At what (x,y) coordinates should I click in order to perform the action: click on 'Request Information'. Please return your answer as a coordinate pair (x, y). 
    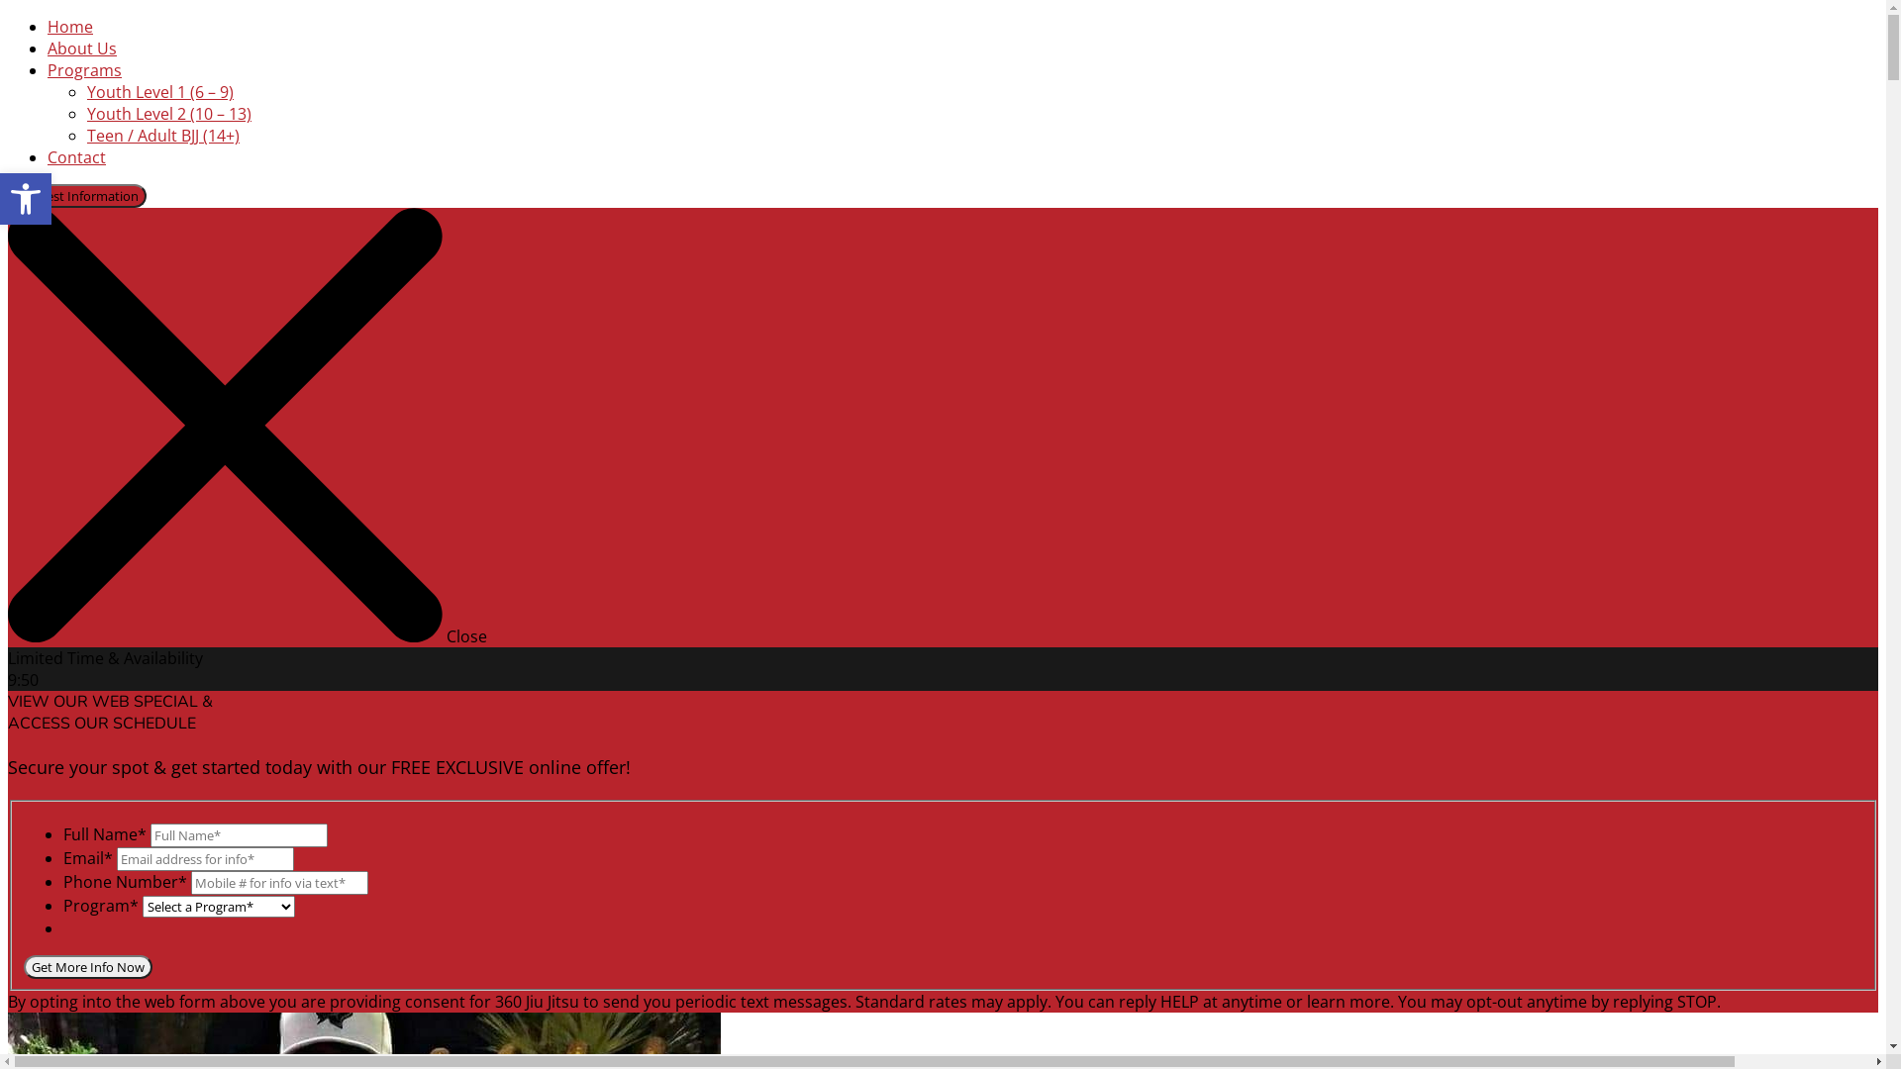
    Looking at the image, I should click on (76, 195).